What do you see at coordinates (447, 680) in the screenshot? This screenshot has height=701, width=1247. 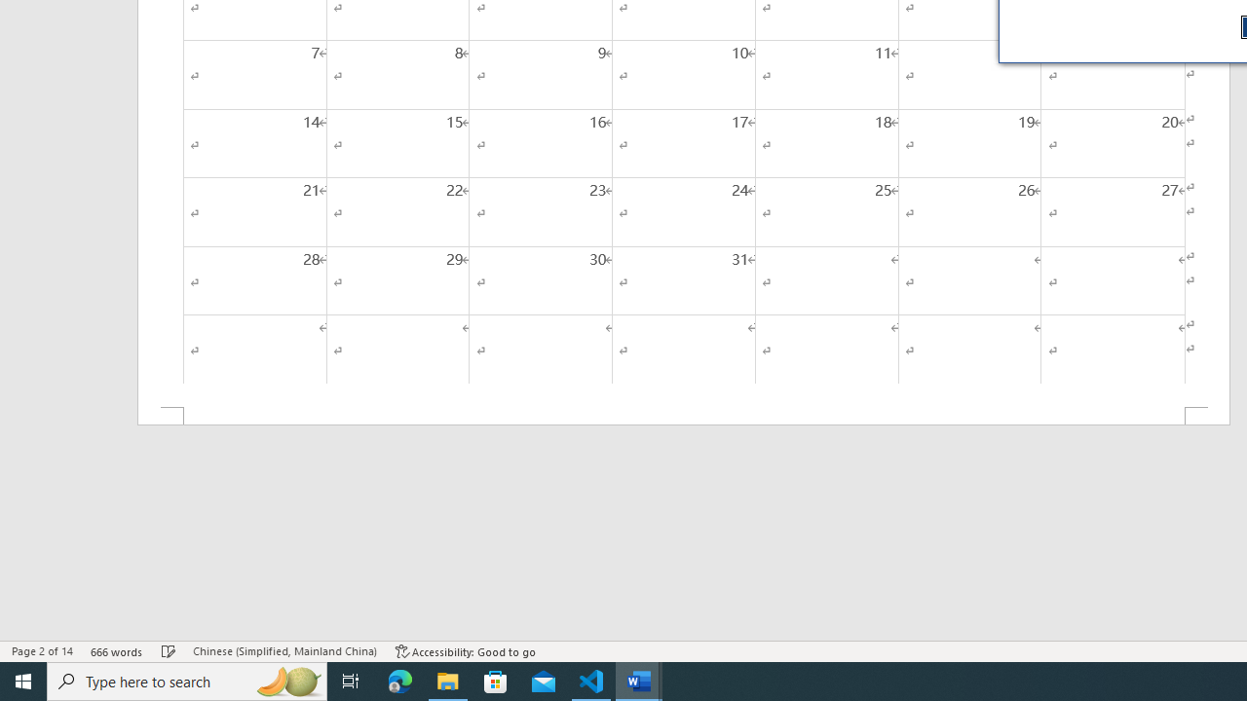 I see `'File Explorer - 1 running window'` at bounding box center [447, 680].